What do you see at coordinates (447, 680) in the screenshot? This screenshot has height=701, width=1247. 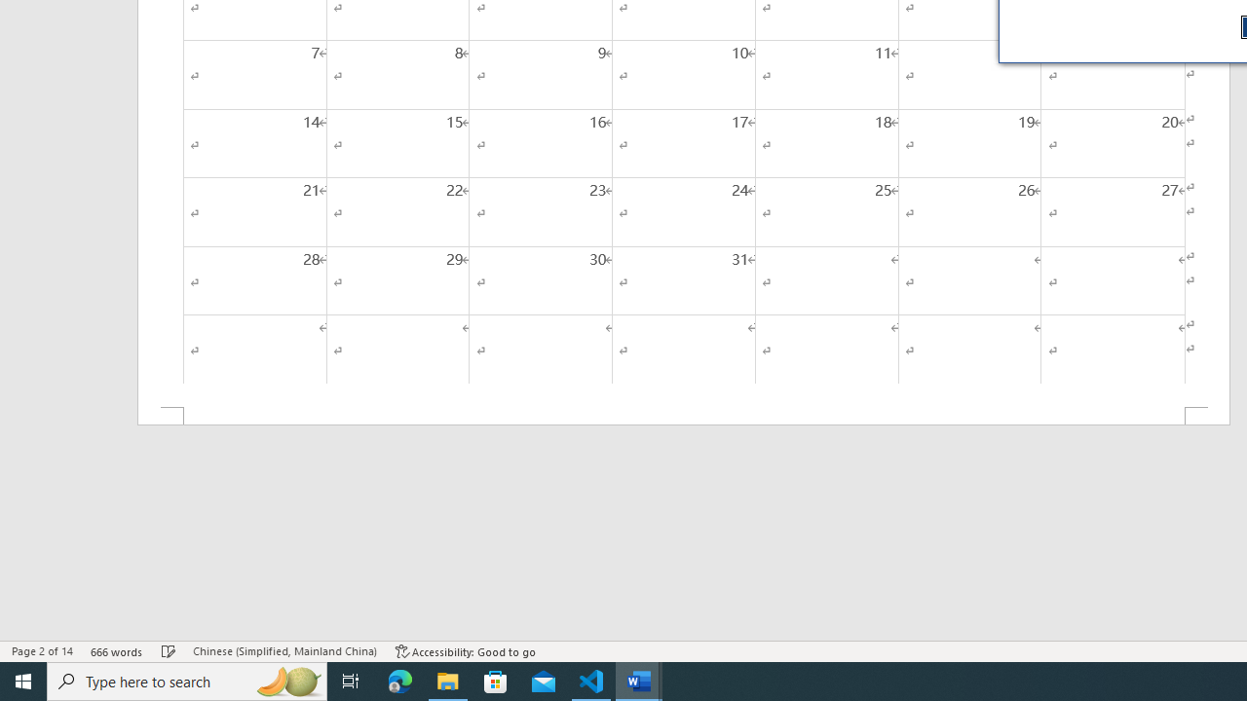 I see `'File Explorer - 1 running window'` at bounding box center [447, 680].